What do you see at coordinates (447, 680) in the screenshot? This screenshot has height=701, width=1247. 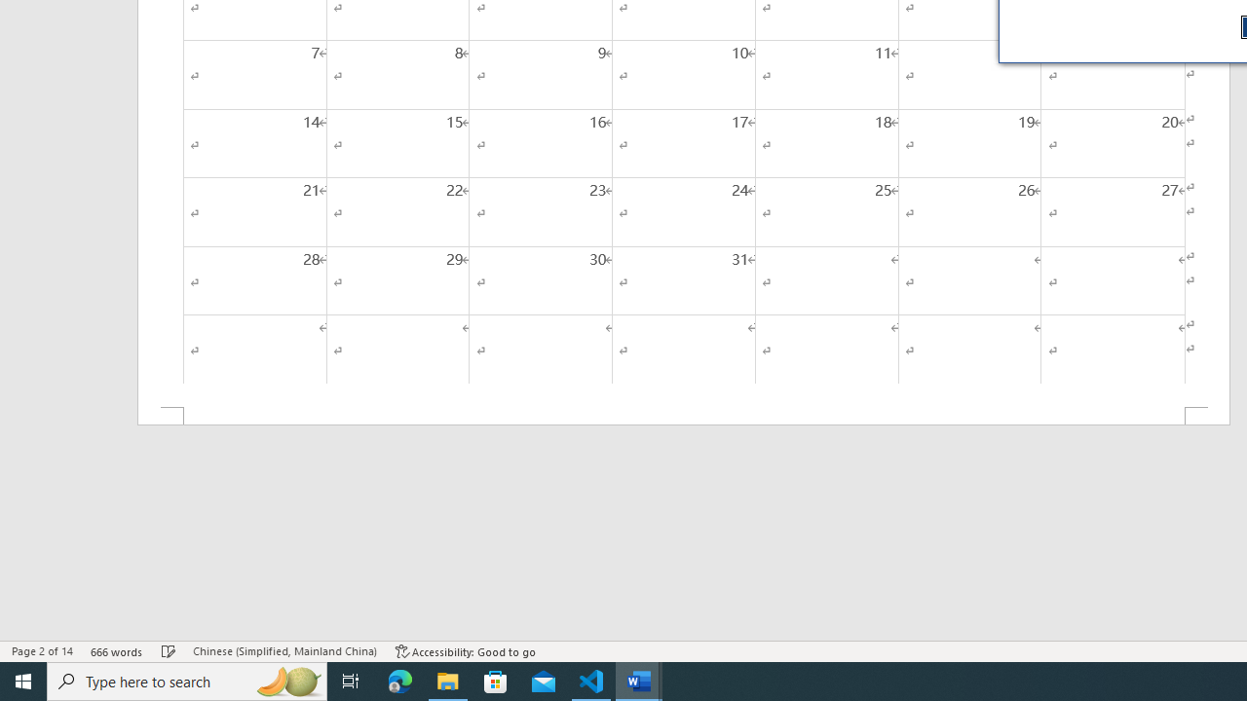 I see `'File Explorer - 1 running window'` at bounding box center [447, 680].